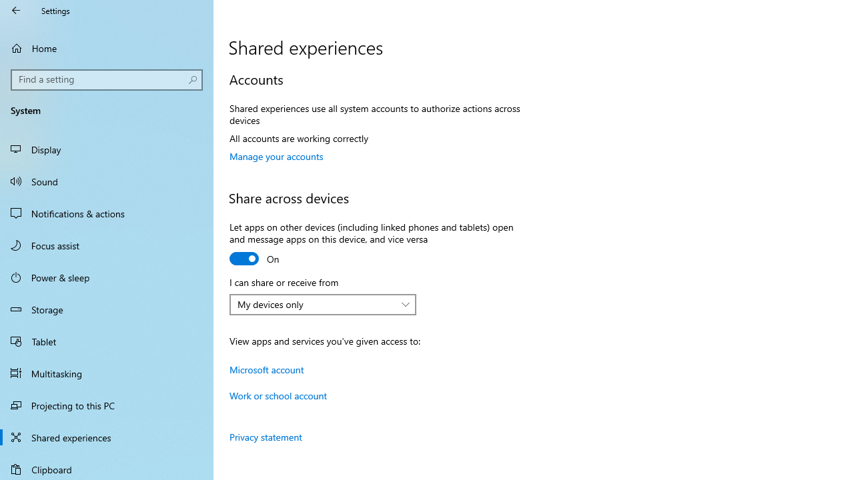 The height and width of the screenshot is (480, 854). Describe the element at coordinates (107, 373) in the screenshot. I see `'Multitasking'` at that location.